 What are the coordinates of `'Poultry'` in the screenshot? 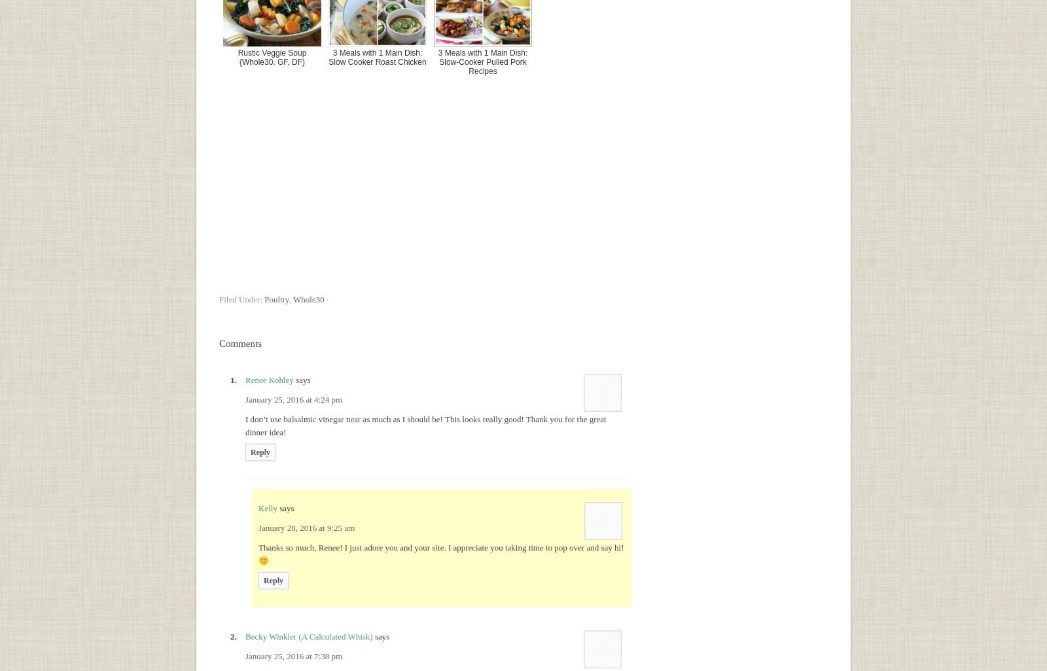 It's located at (275, 299).